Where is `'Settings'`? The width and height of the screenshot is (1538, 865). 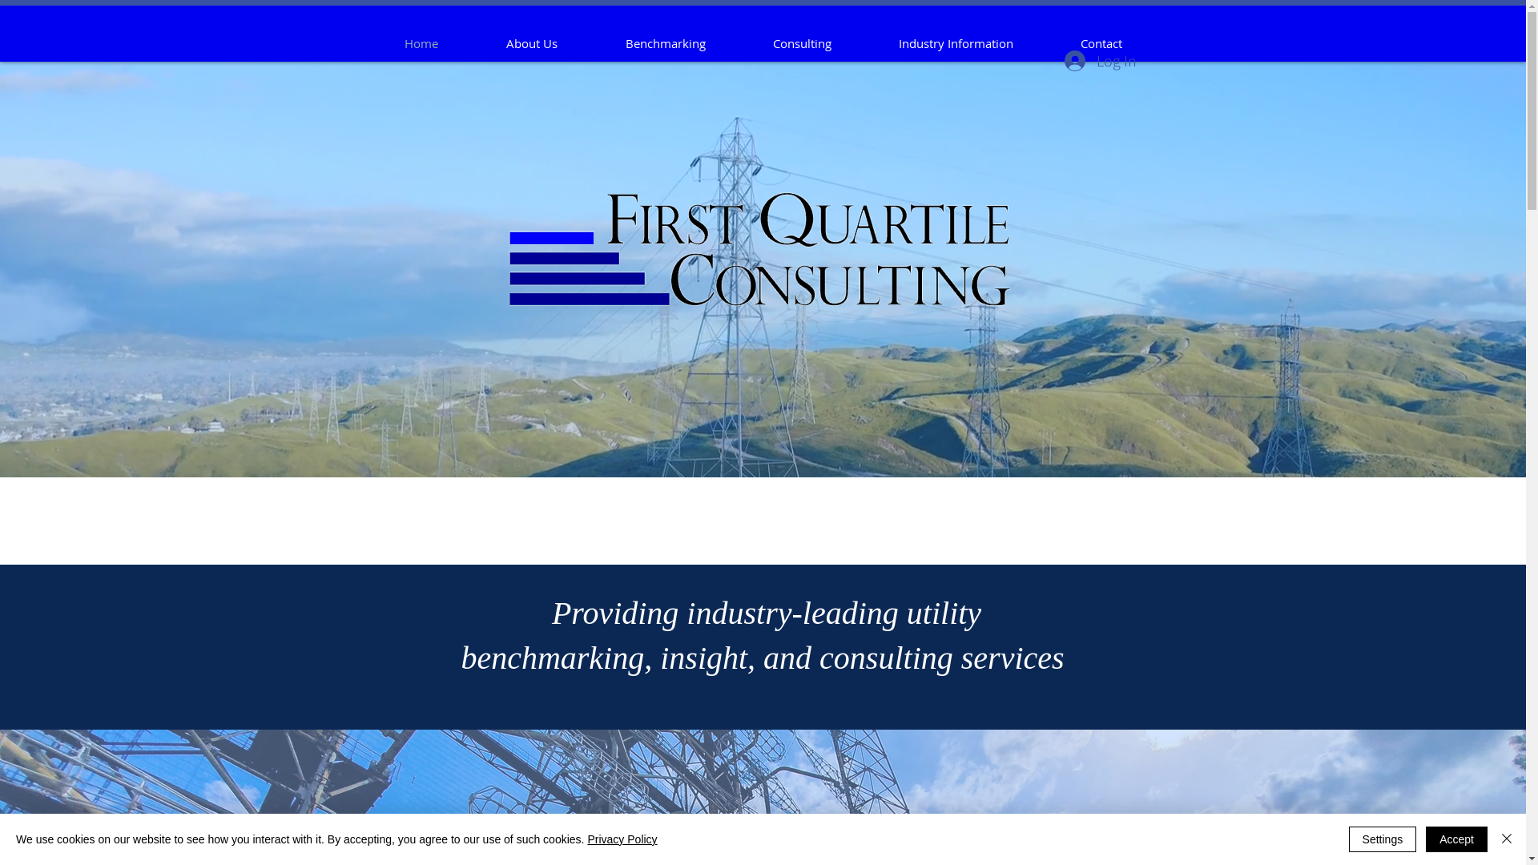
'Settings' is located at coordinates (1382, 839).